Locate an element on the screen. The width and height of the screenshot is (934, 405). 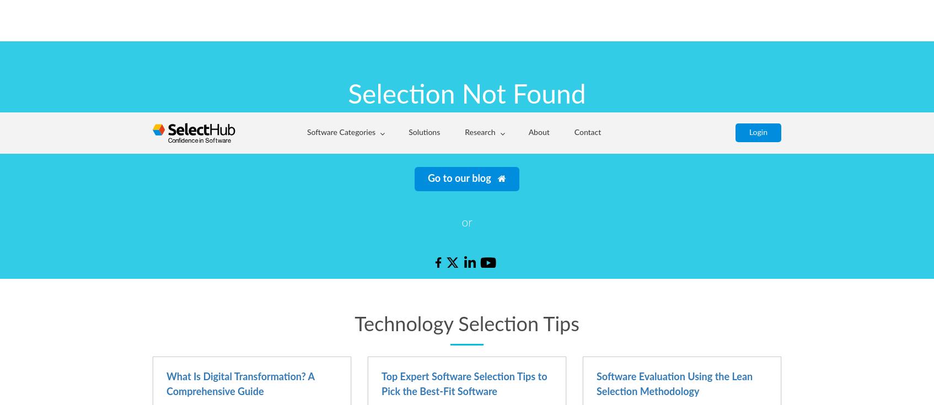
'or want to read our' is located at coordinates (539, 20).